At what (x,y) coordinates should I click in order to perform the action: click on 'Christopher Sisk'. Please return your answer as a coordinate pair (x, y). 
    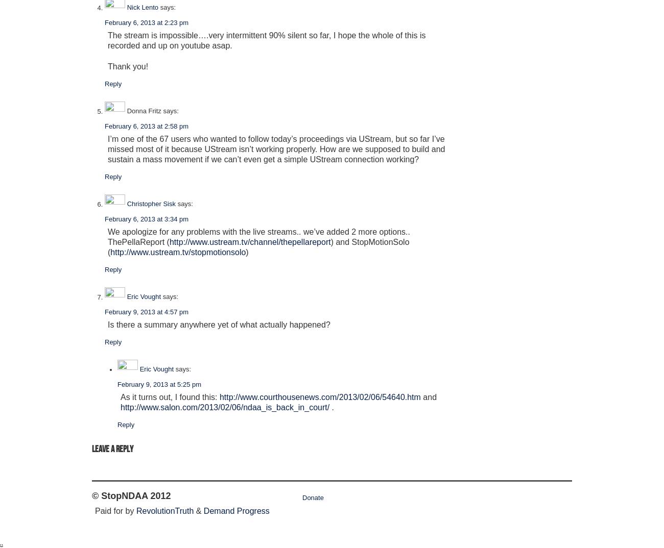
    Looking at the image, I should click on (151, 204).